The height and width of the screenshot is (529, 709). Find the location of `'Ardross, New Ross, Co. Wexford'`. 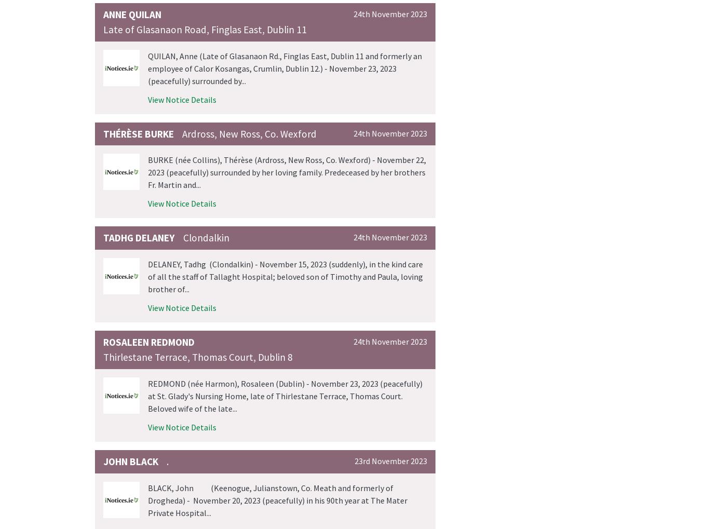

'Ardross, New Ross, Co. Wexford' is located at coordinates (249, 133).